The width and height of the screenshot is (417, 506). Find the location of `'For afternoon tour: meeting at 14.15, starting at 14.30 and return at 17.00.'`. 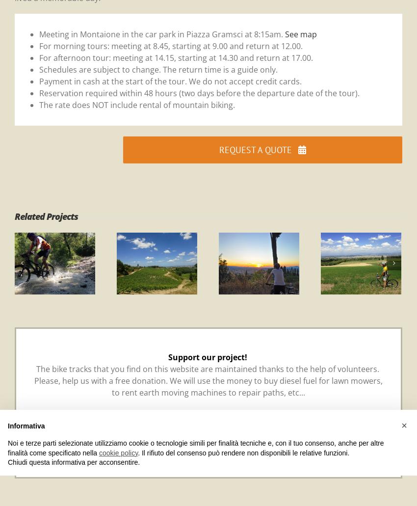

'For afternoon tour: meeting at 14.15, starting at 14.30 and return at 17.00.' is located at coordinates (176, 57).